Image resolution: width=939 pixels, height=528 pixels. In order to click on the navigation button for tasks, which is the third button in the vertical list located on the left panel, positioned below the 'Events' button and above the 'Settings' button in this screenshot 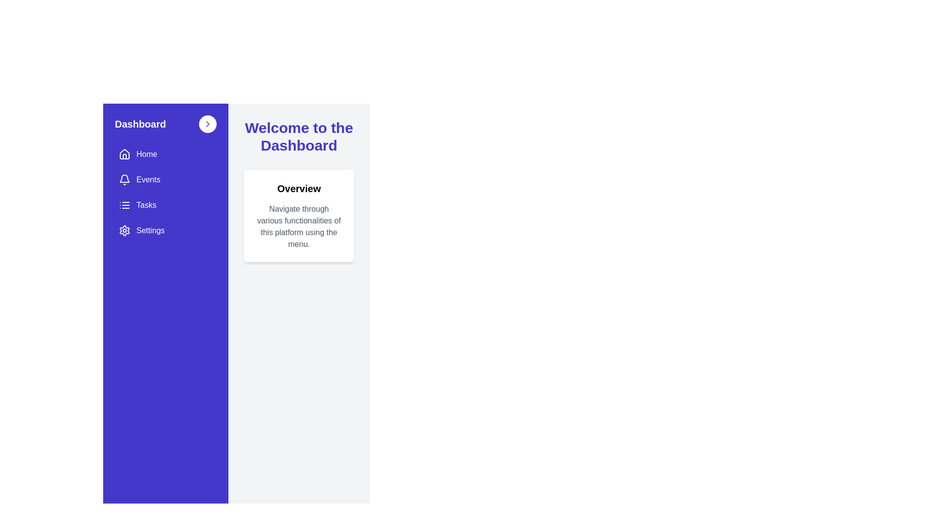, I will do `click(166, 205)`.